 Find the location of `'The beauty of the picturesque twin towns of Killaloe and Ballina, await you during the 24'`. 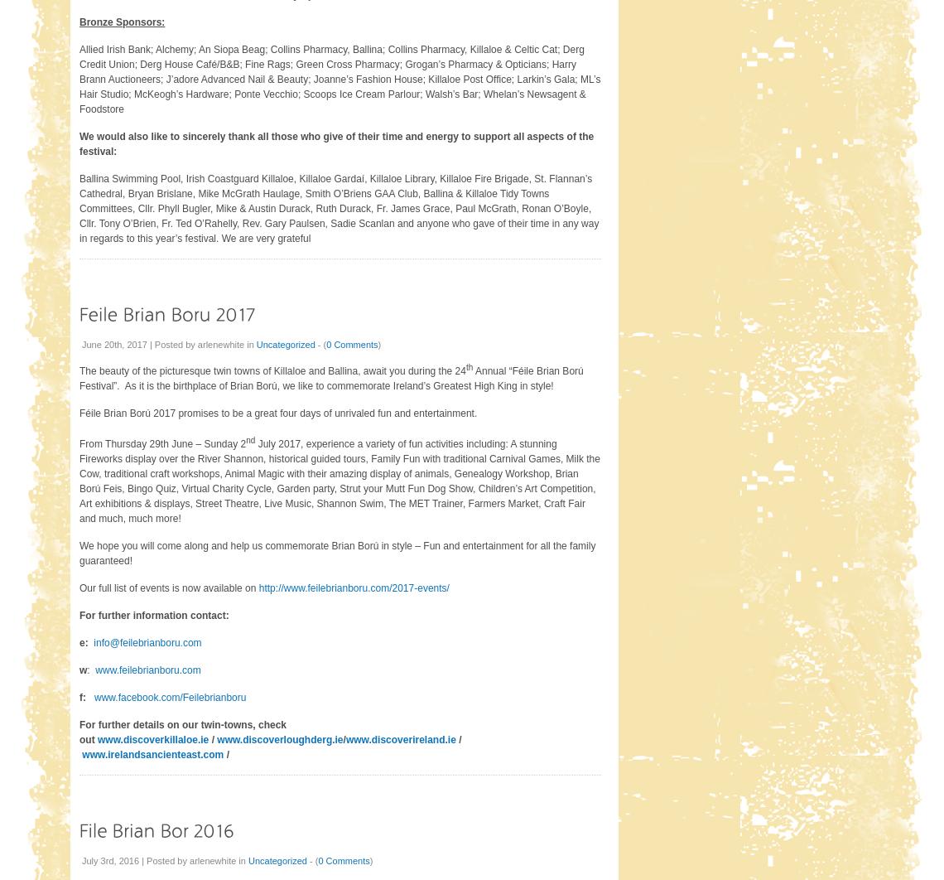

'The beauty of the picturesque twin towns of Killaloe and Ballina, await you during the 24' is located at coordinates (272, 369).